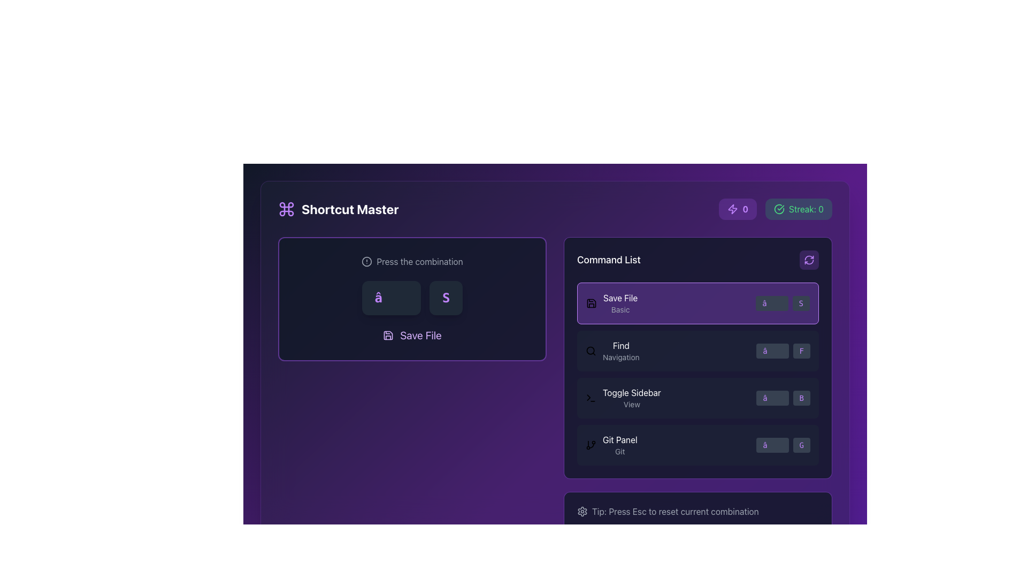 Image resolution: width=1027 pixels, height=578 pixels. Describe the element at coordinates (621, 357) in the screenshot. I see `the Text label providing additional context for the 'Find' command located in the 'Command List' panel beneath the word 'Find'` at that location.